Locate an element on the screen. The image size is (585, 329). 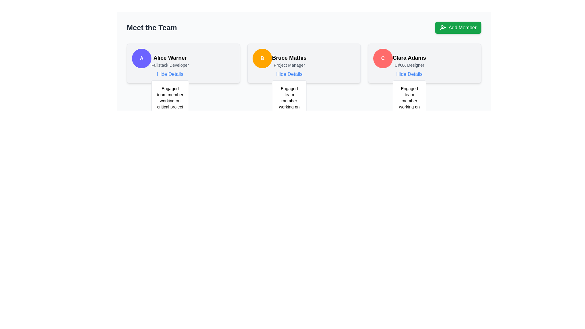
the 'Add Member' button, which is a vibrant green rectangular button with rounded corners located at the top-right corner of the interface, next to the section title 'Meet the Team.' is located at coordinates (458, 28).